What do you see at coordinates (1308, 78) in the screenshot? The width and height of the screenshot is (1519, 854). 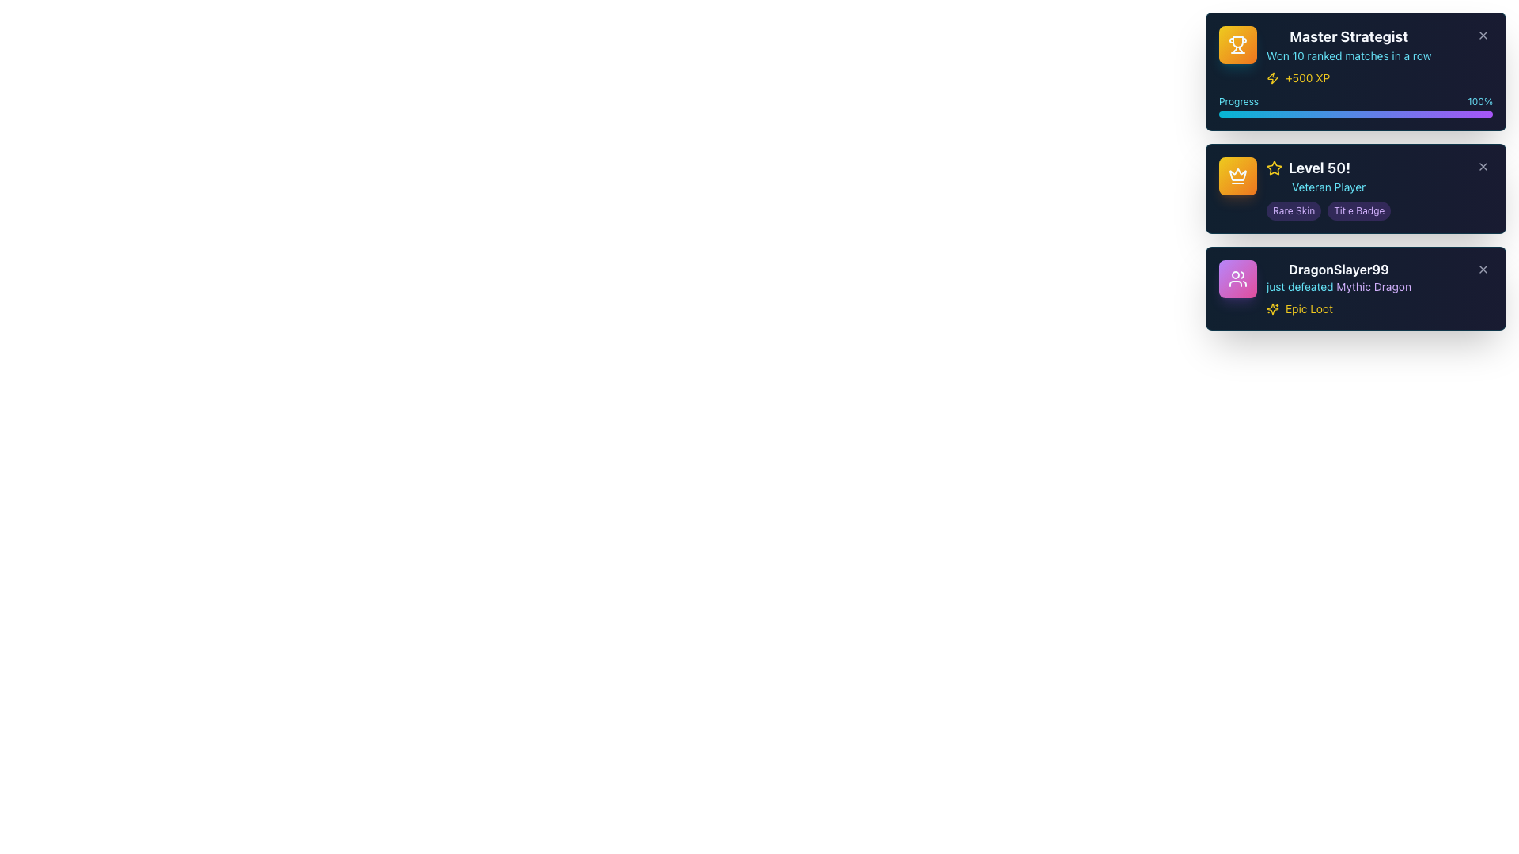 I see `text label displaying '+500 XP' in bold yellow located near the 'Master Strategist' text and to the right of the lightning icon` at bounding box center [1308, 78].